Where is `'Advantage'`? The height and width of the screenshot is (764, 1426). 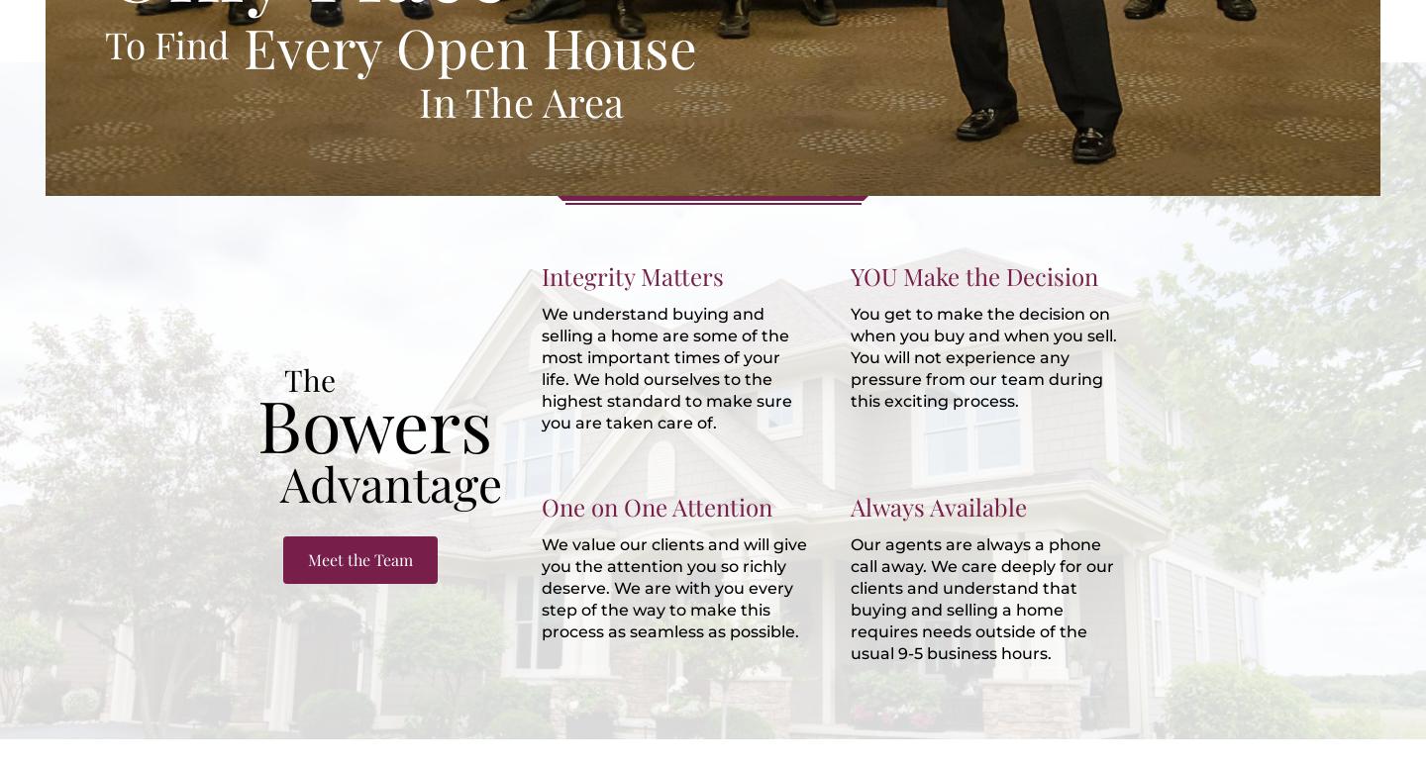 'Advantage' is located at coordinates (388, 481).